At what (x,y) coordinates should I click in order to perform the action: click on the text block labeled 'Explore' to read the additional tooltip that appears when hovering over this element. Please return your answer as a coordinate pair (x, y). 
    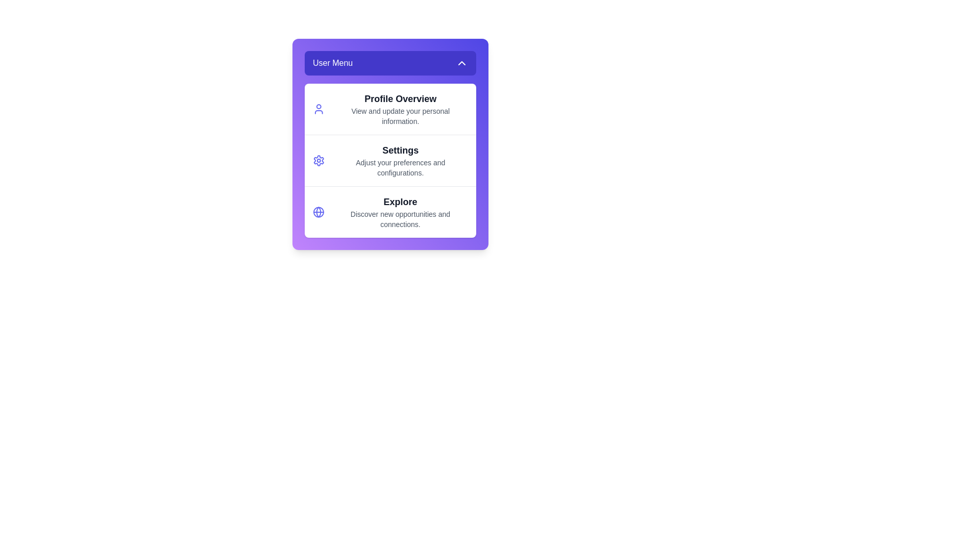
    Looking at the image, I should click on (400, 212).